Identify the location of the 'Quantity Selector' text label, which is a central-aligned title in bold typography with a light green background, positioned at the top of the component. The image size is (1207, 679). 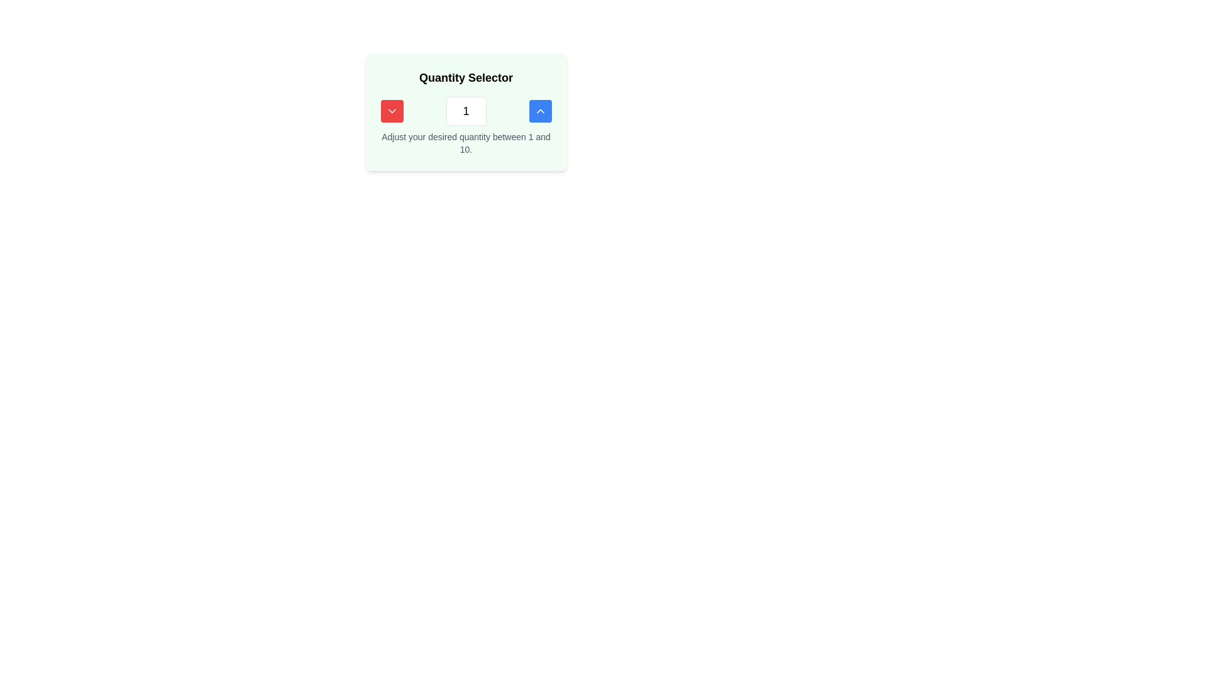
(465, 77).